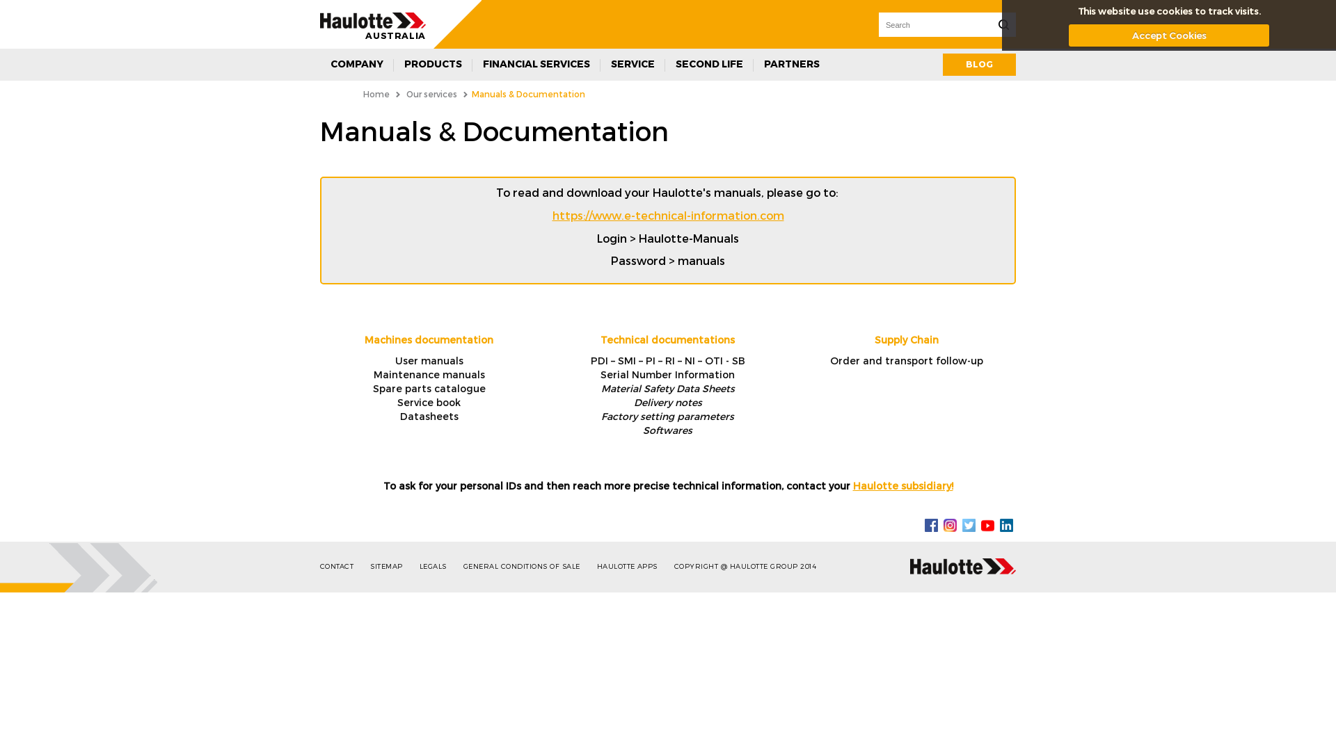  What do you see at coordinates (944, 524) in the screenshot?
I see `'Instagram'` at bounding box center [944, 524].